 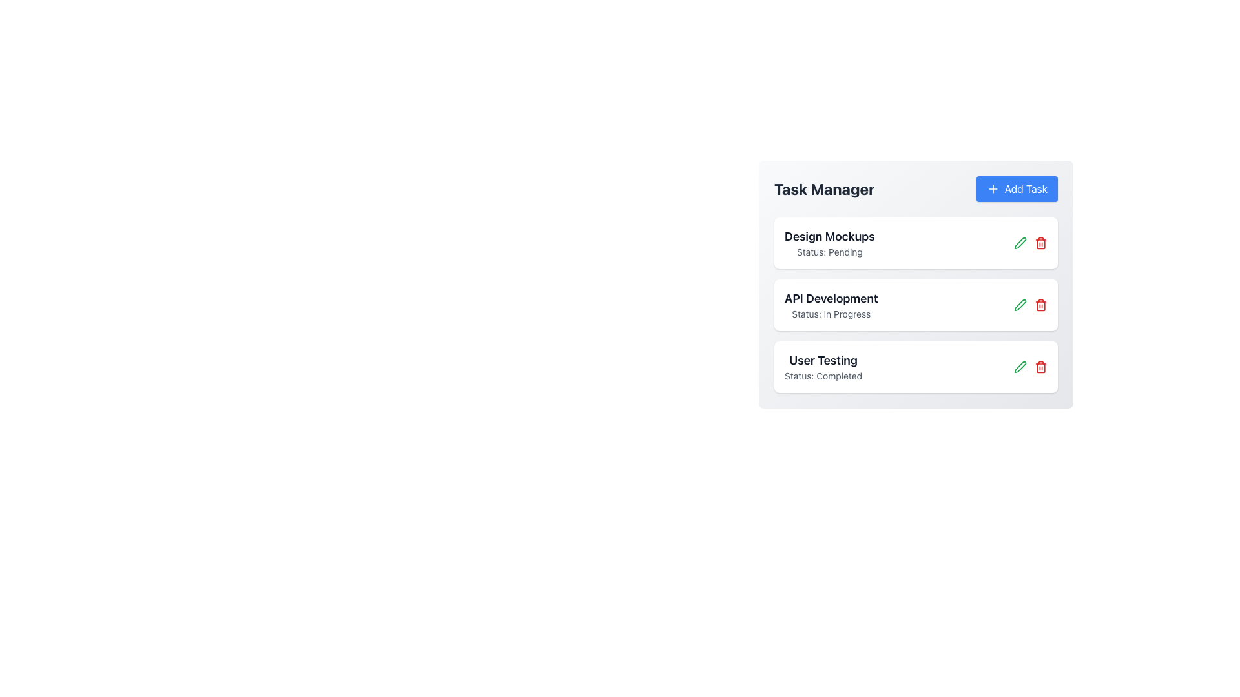 I want to click on the static text label 'API Development' which is styled with a larger font size, bolded text, and dark gray color, located under the 'Task Manager' heading in the task list interface, so click(x=831, y=298).